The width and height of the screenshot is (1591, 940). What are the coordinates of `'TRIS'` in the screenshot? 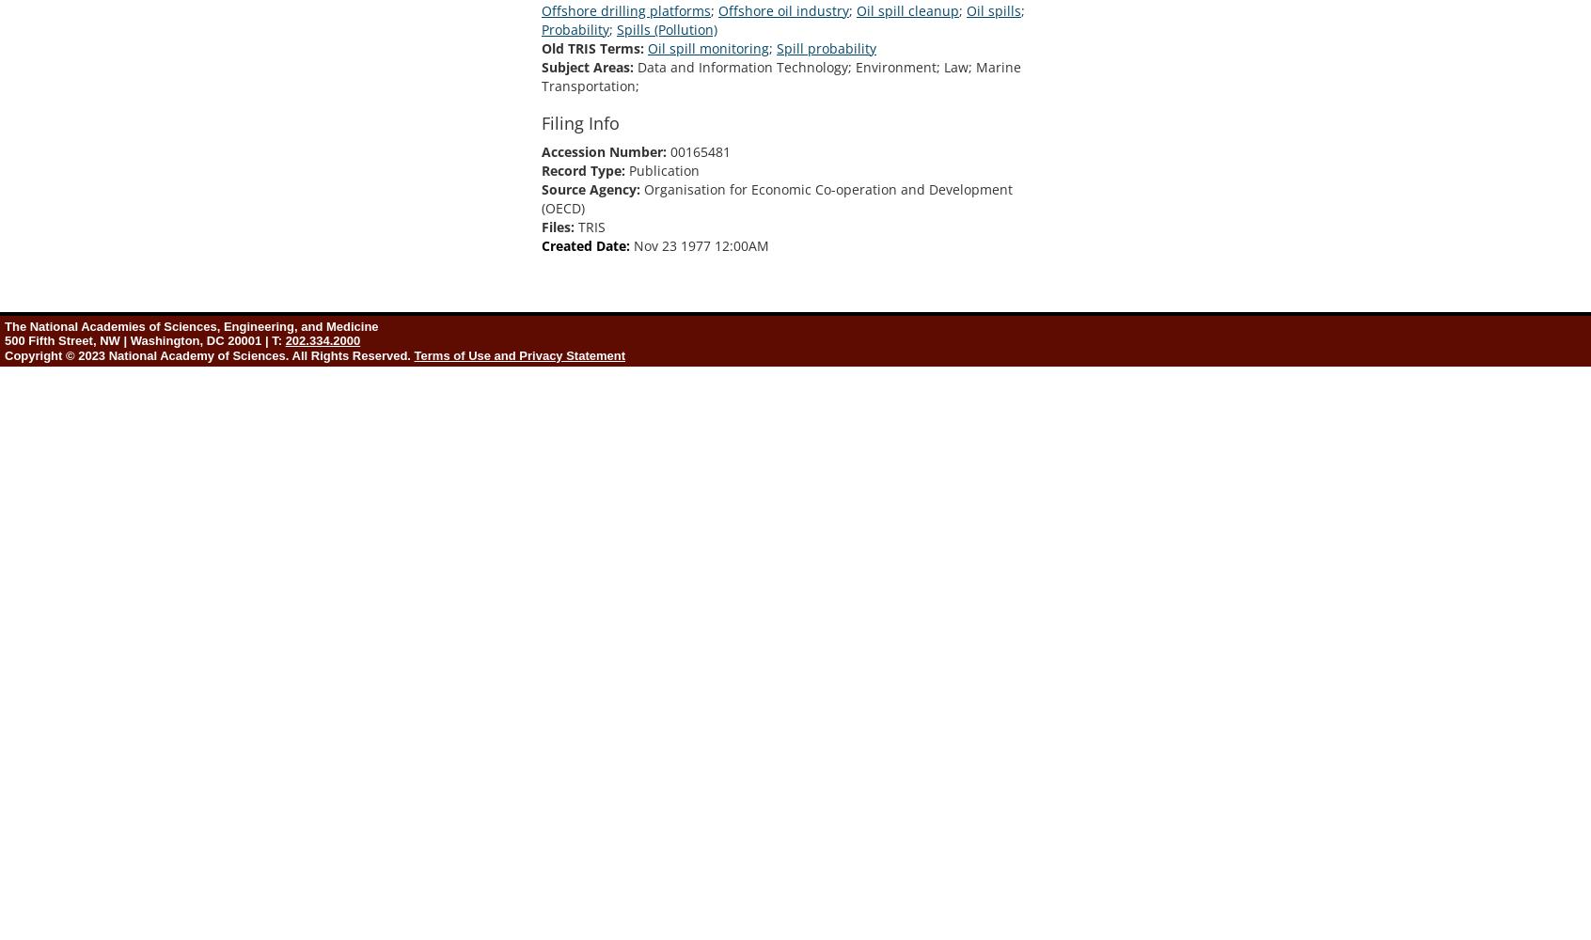 It's located at (577, 225).